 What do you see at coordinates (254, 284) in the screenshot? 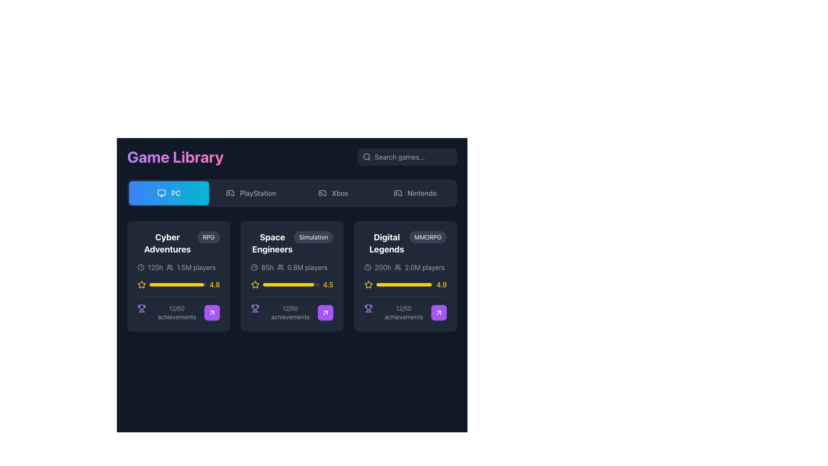
I see `the star icon in the rating section of the 'Space Engineers' game card, which visually represents a rating and is located to the left of the numerical rating '4.5'` at bounding box center [254, 284].